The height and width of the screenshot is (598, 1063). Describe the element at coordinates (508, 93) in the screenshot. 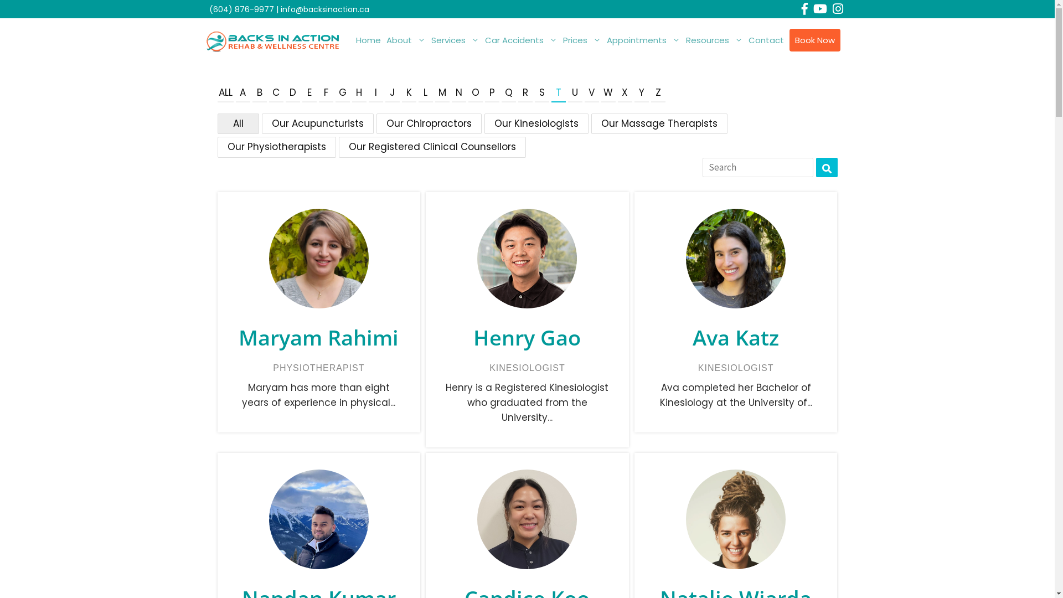

I see `'Q'` at that location.